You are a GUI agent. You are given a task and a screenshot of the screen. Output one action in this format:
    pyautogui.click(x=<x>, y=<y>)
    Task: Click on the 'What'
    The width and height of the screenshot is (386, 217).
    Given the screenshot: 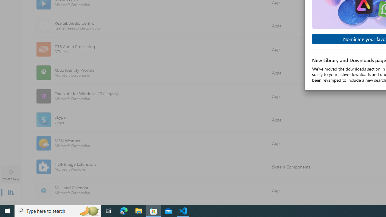 What is the action you would take?
    pyautogui.click(x=11, y=174)
    